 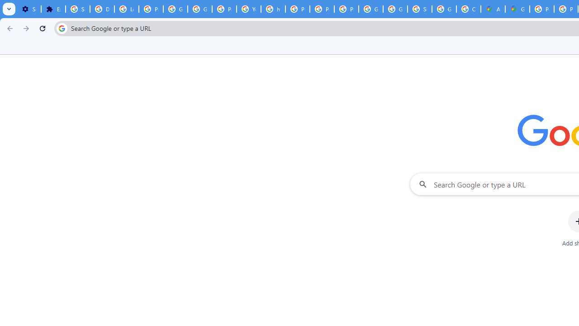 What do you see at coordinates (297, 9) in the screenshot?
I see `'Privacy Help Center - Policies Help'` at bounding box center [297, 9].